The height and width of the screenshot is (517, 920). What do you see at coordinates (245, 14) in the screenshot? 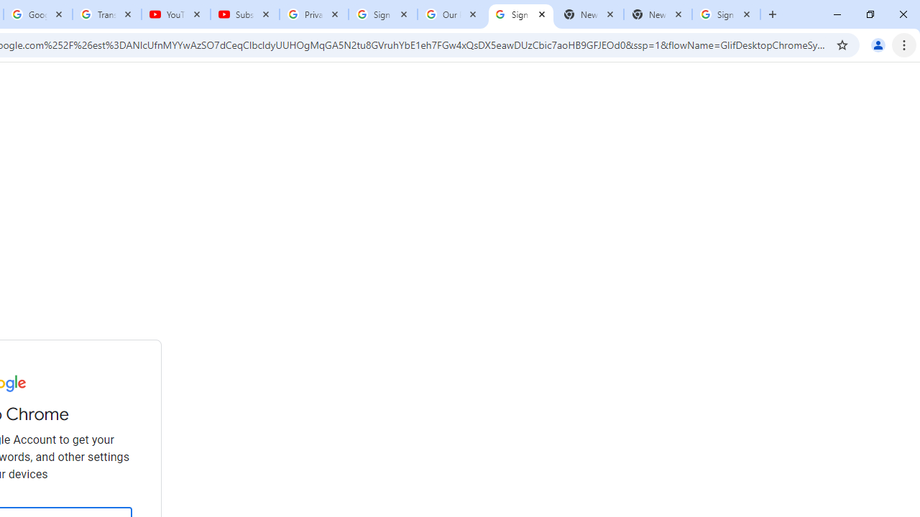
I see `'Subscriptions - YouTube'` at bounding box center [245, 14].